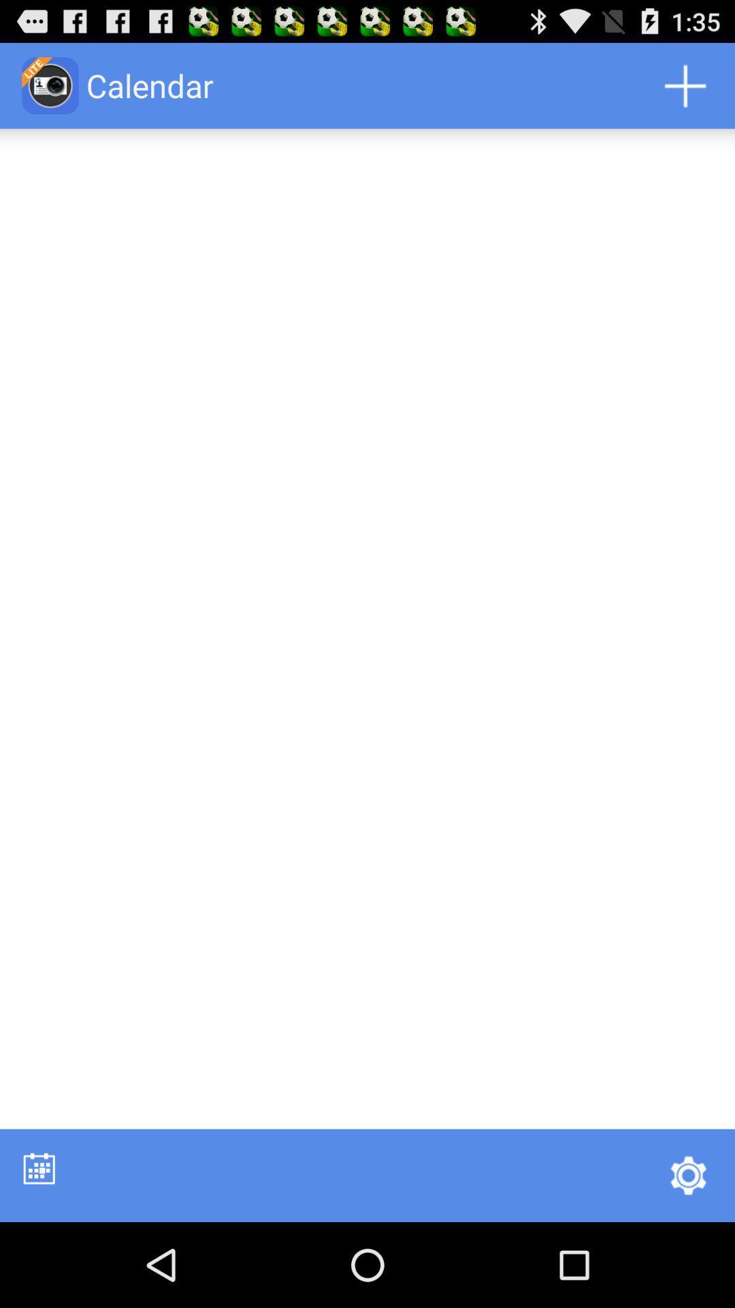 The width and height of the screenshot is (735, 1308). What do you see at coordinates (688, 1174) in the screenshot?
I see `open up settings` at bounding box center [688, 1174].